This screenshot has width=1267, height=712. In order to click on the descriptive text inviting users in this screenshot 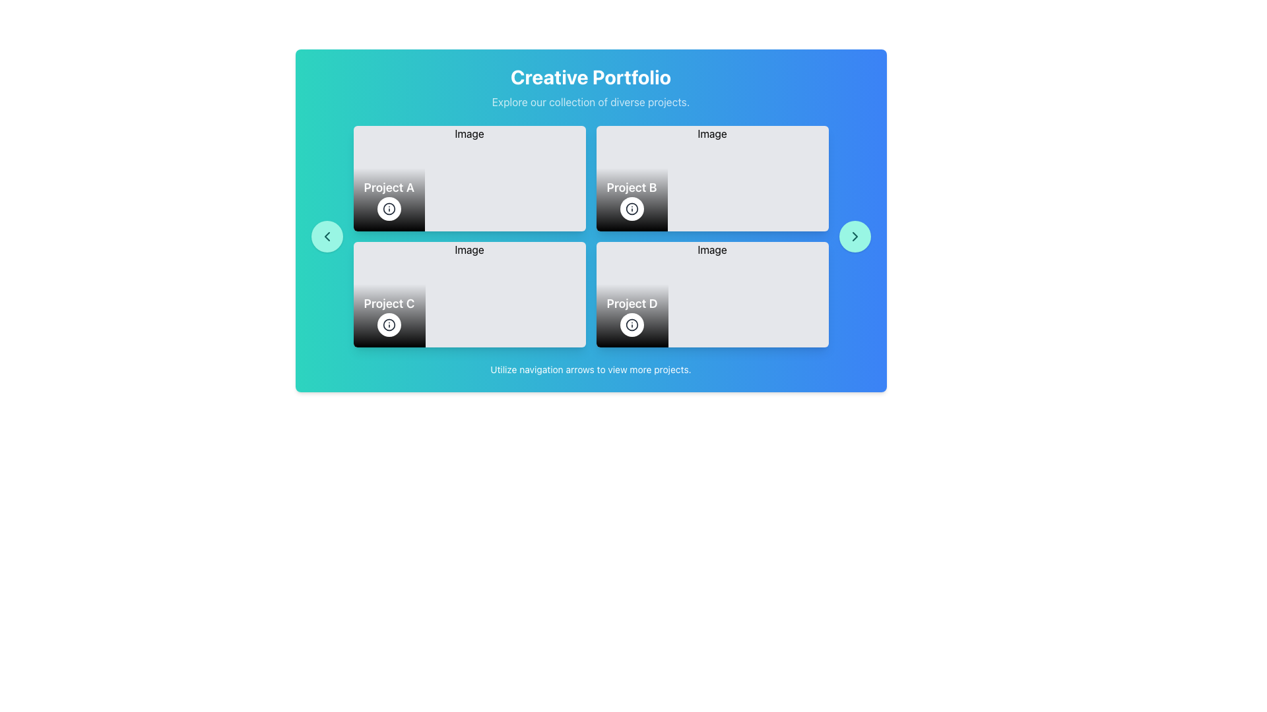, I will do `click(590, 101)`.